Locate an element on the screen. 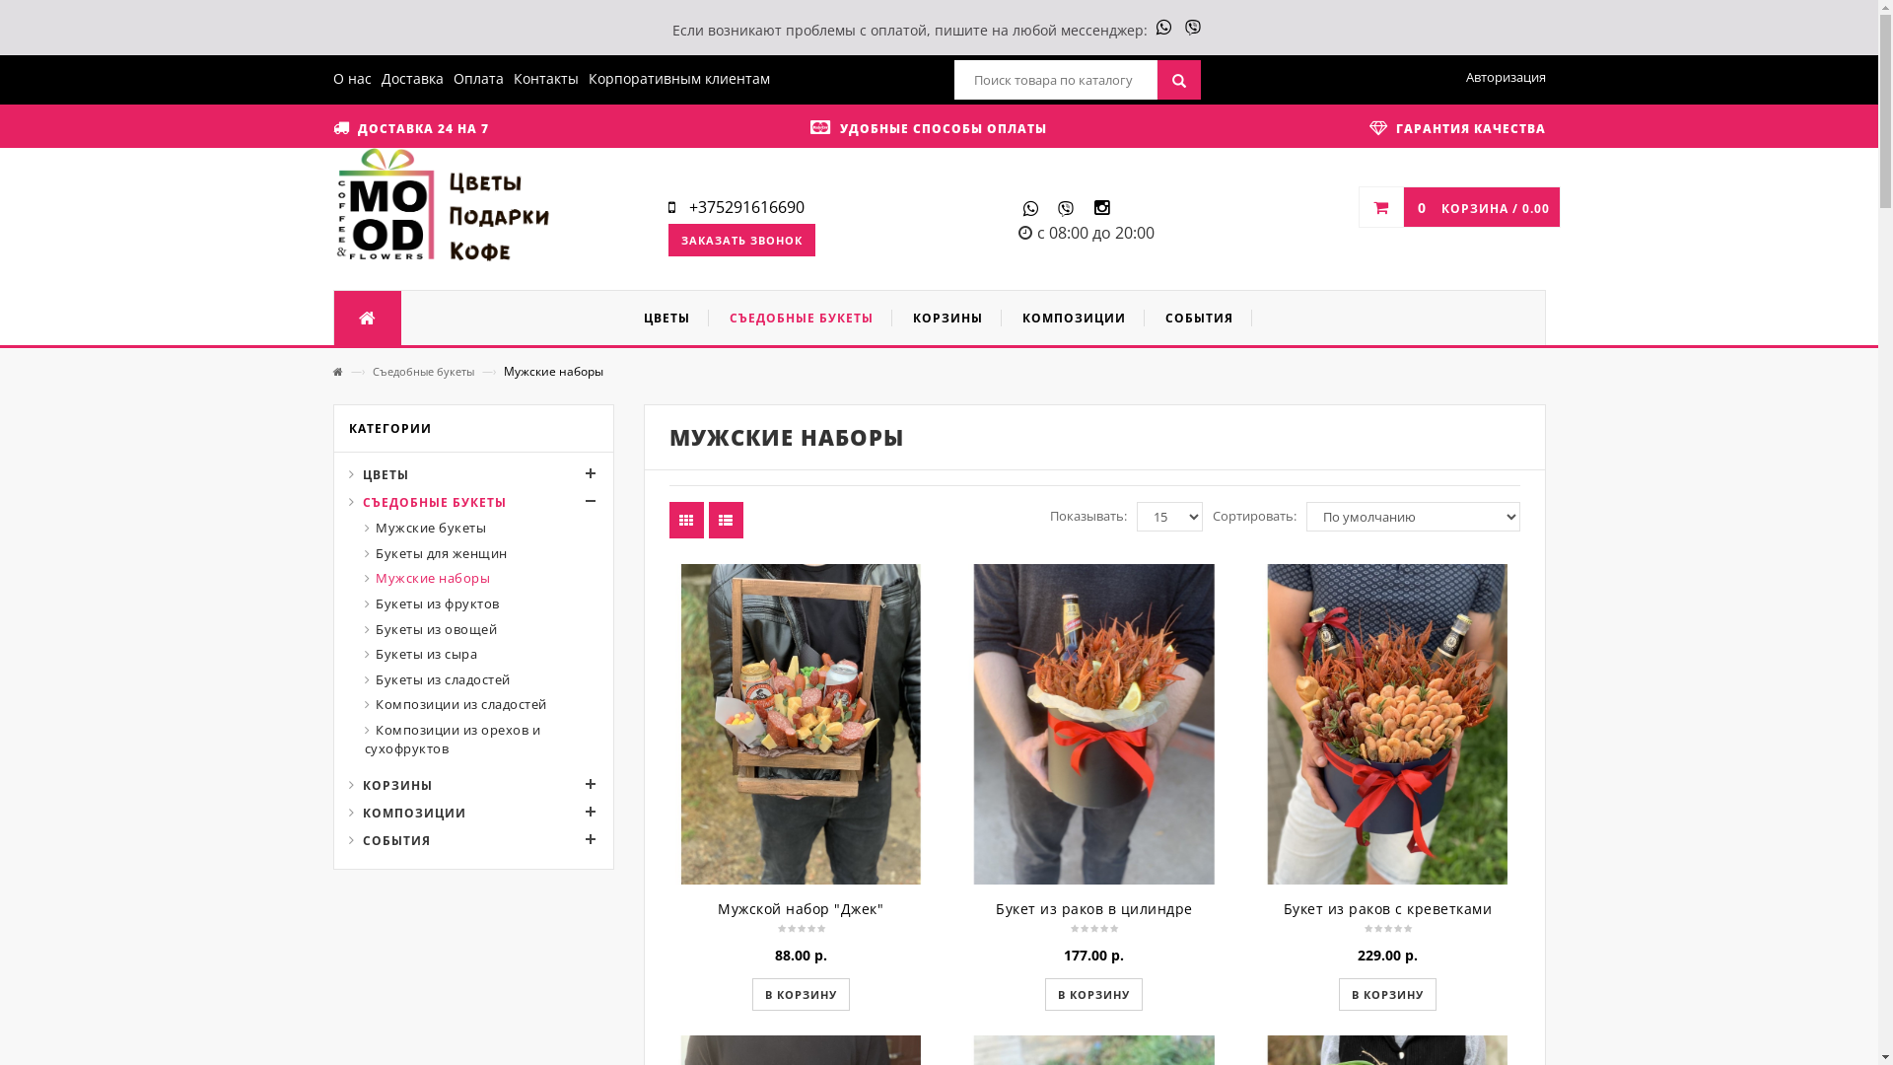 The width and height of the screenshot is (1893, 1065). 'MOOD' is located at coordinates (442, 206).